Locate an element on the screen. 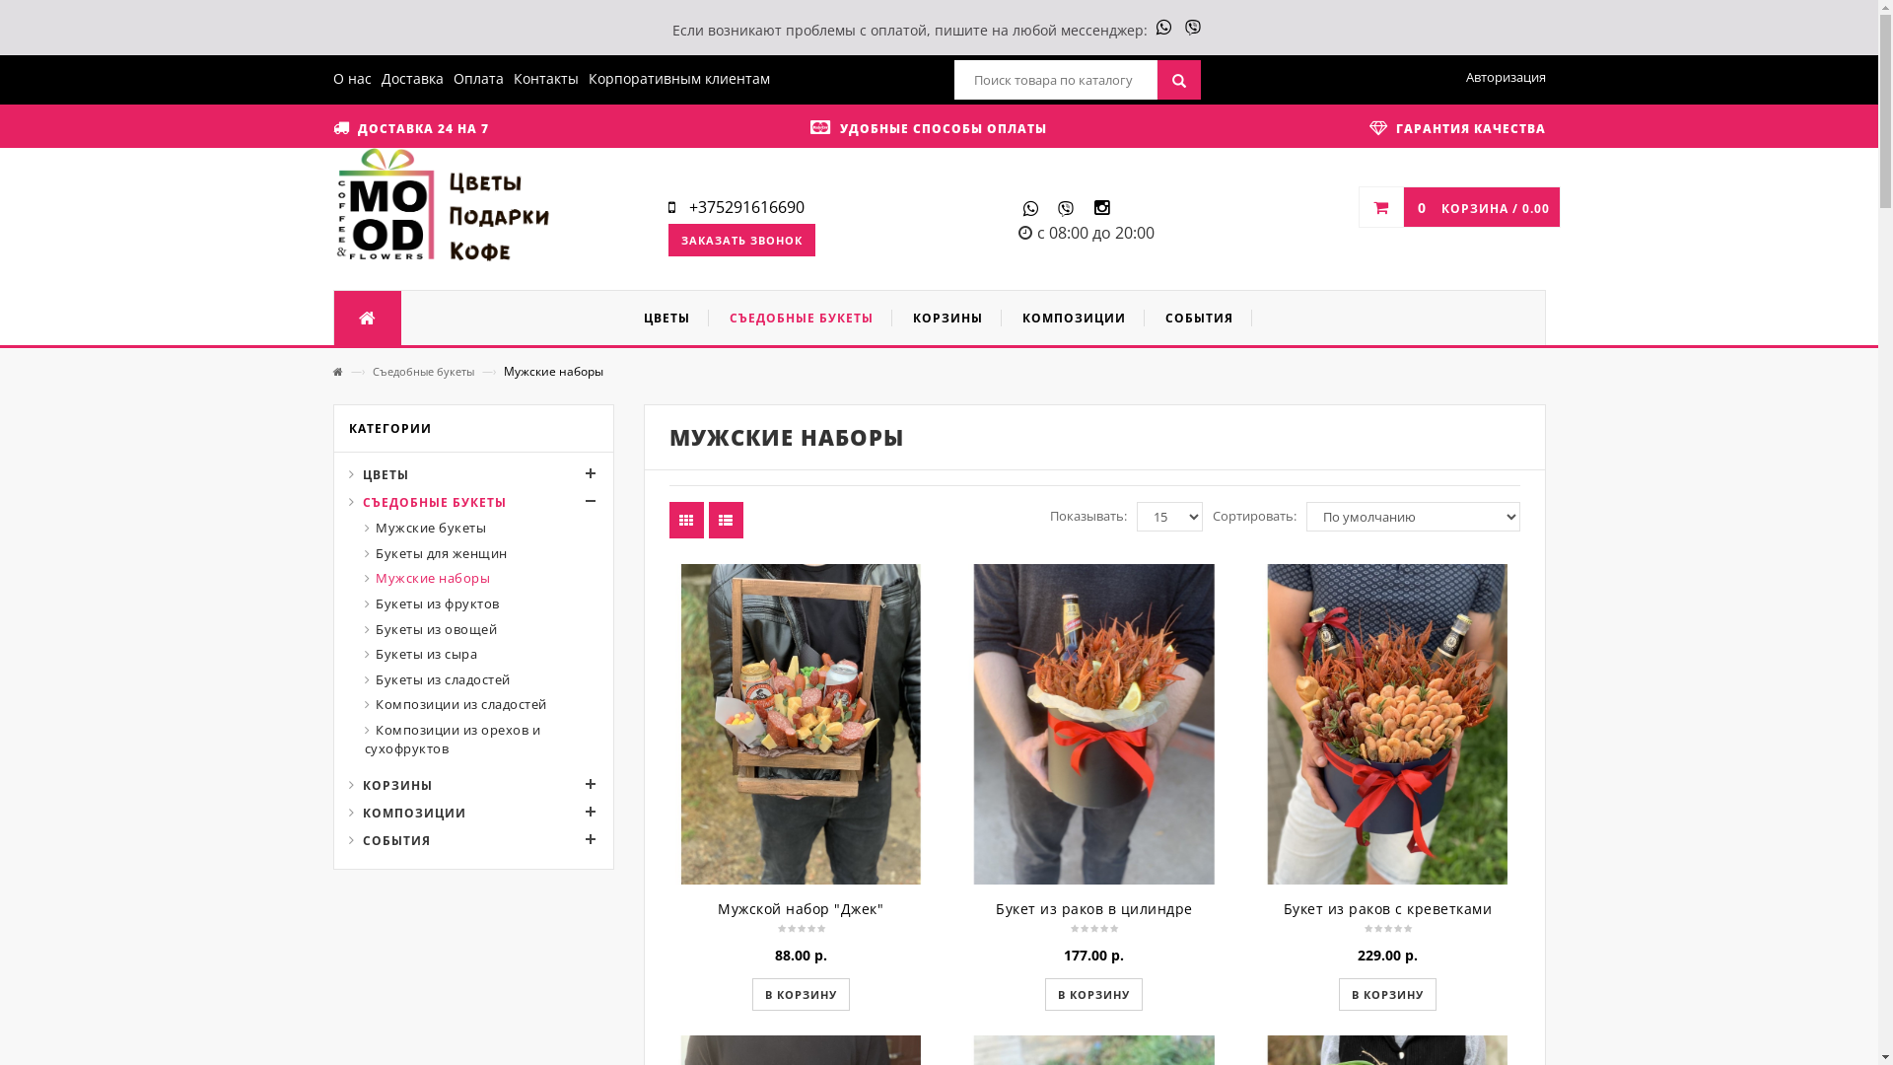 The width and height of the screenshot is (1893, 1065). 'MOOD' is located at coordinates (442, 206).